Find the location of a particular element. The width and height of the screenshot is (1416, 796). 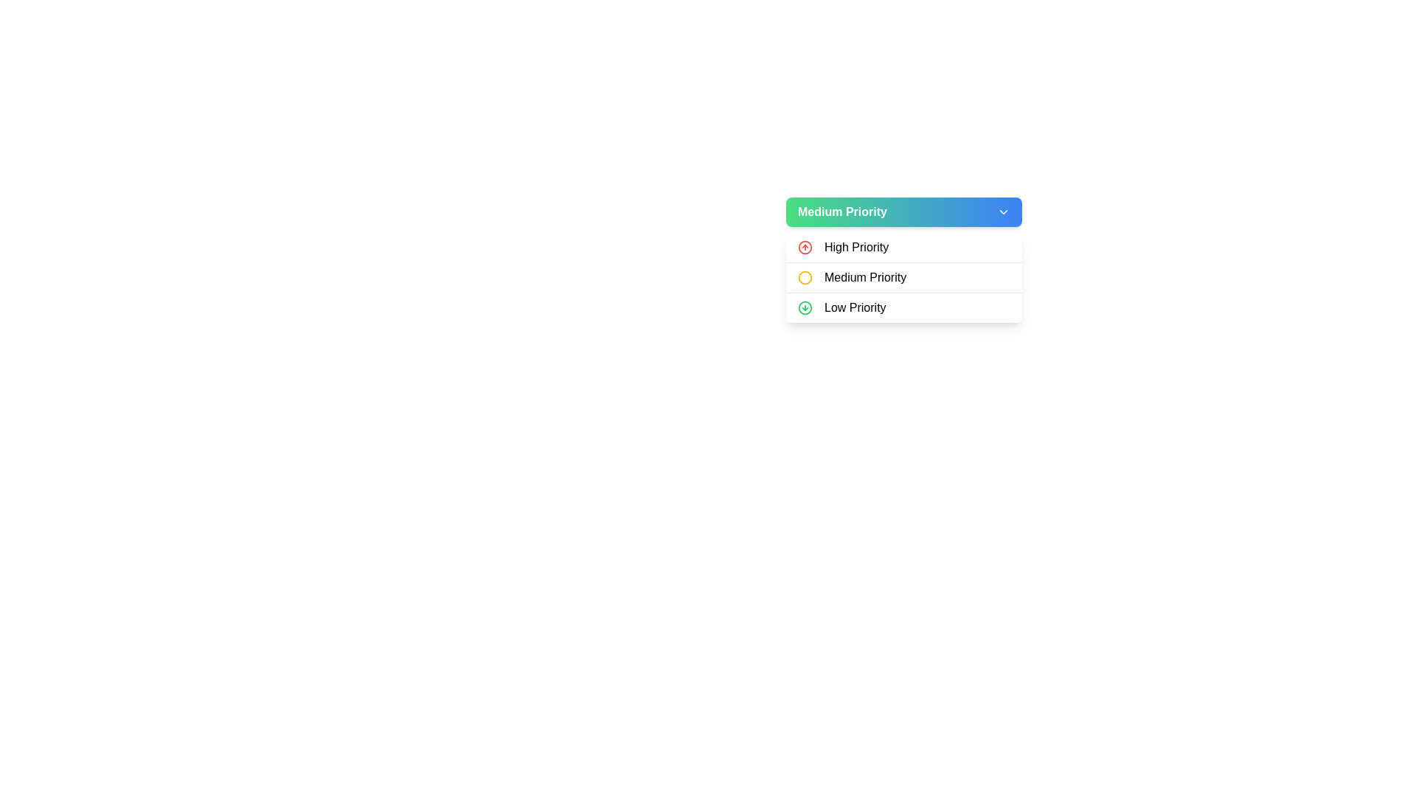

the SVG graphic element depicting a circular boundary for an upward arrow in the dropdown list, which serves an aesthetic purpose is located at coordinates (804, 246).